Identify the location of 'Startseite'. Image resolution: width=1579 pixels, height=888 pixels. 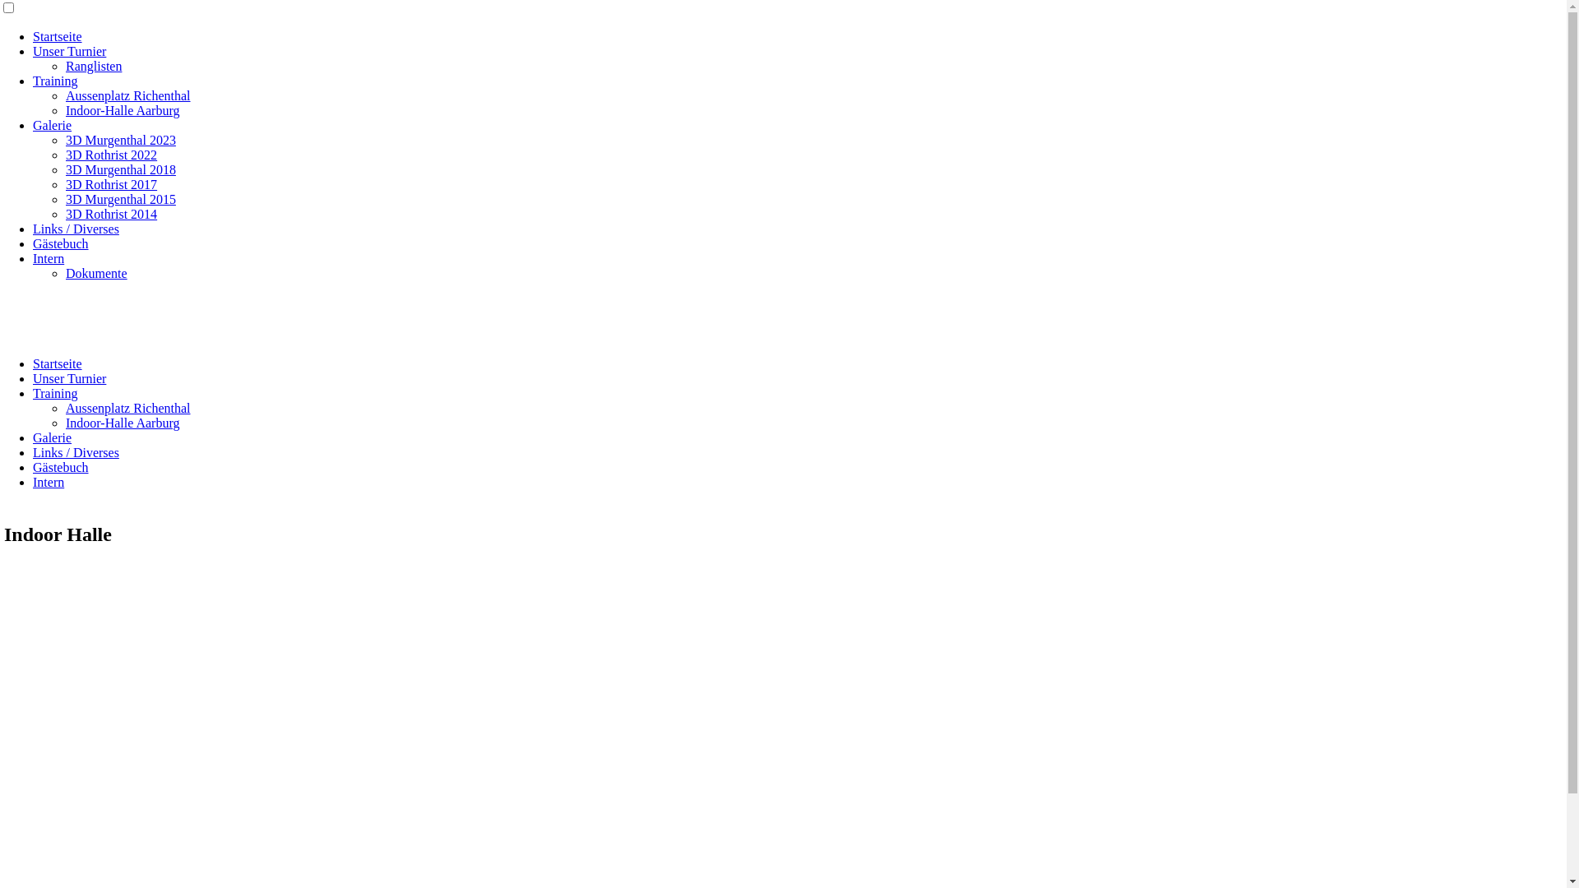
(58, 36).